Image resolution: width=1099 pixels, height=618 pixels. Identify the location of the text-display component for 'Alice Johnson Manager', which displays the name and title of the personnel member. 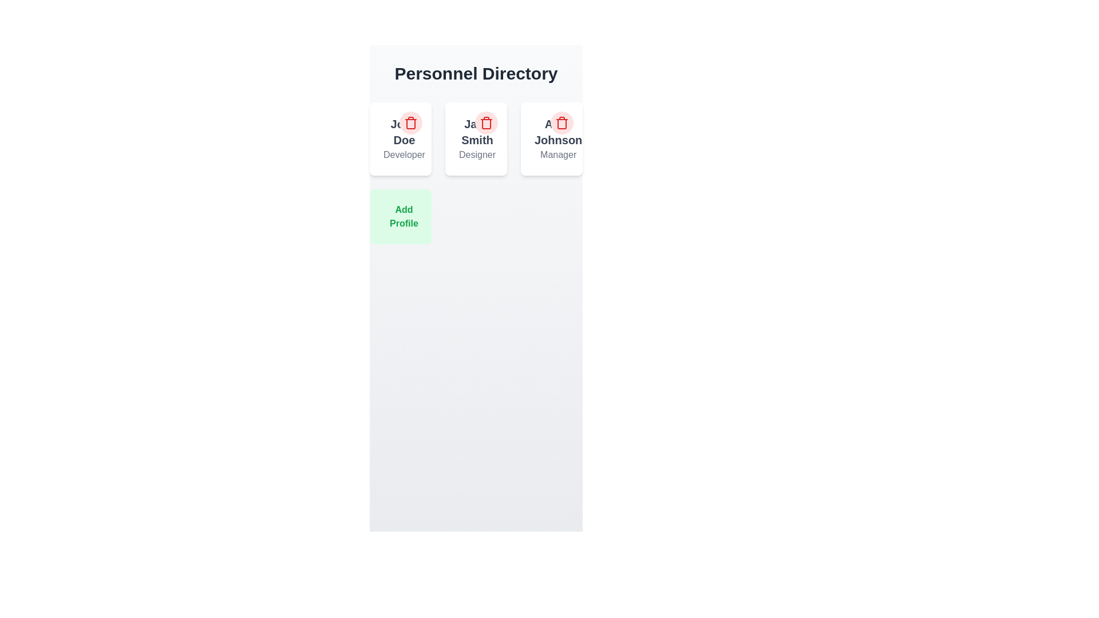
(552, 138).